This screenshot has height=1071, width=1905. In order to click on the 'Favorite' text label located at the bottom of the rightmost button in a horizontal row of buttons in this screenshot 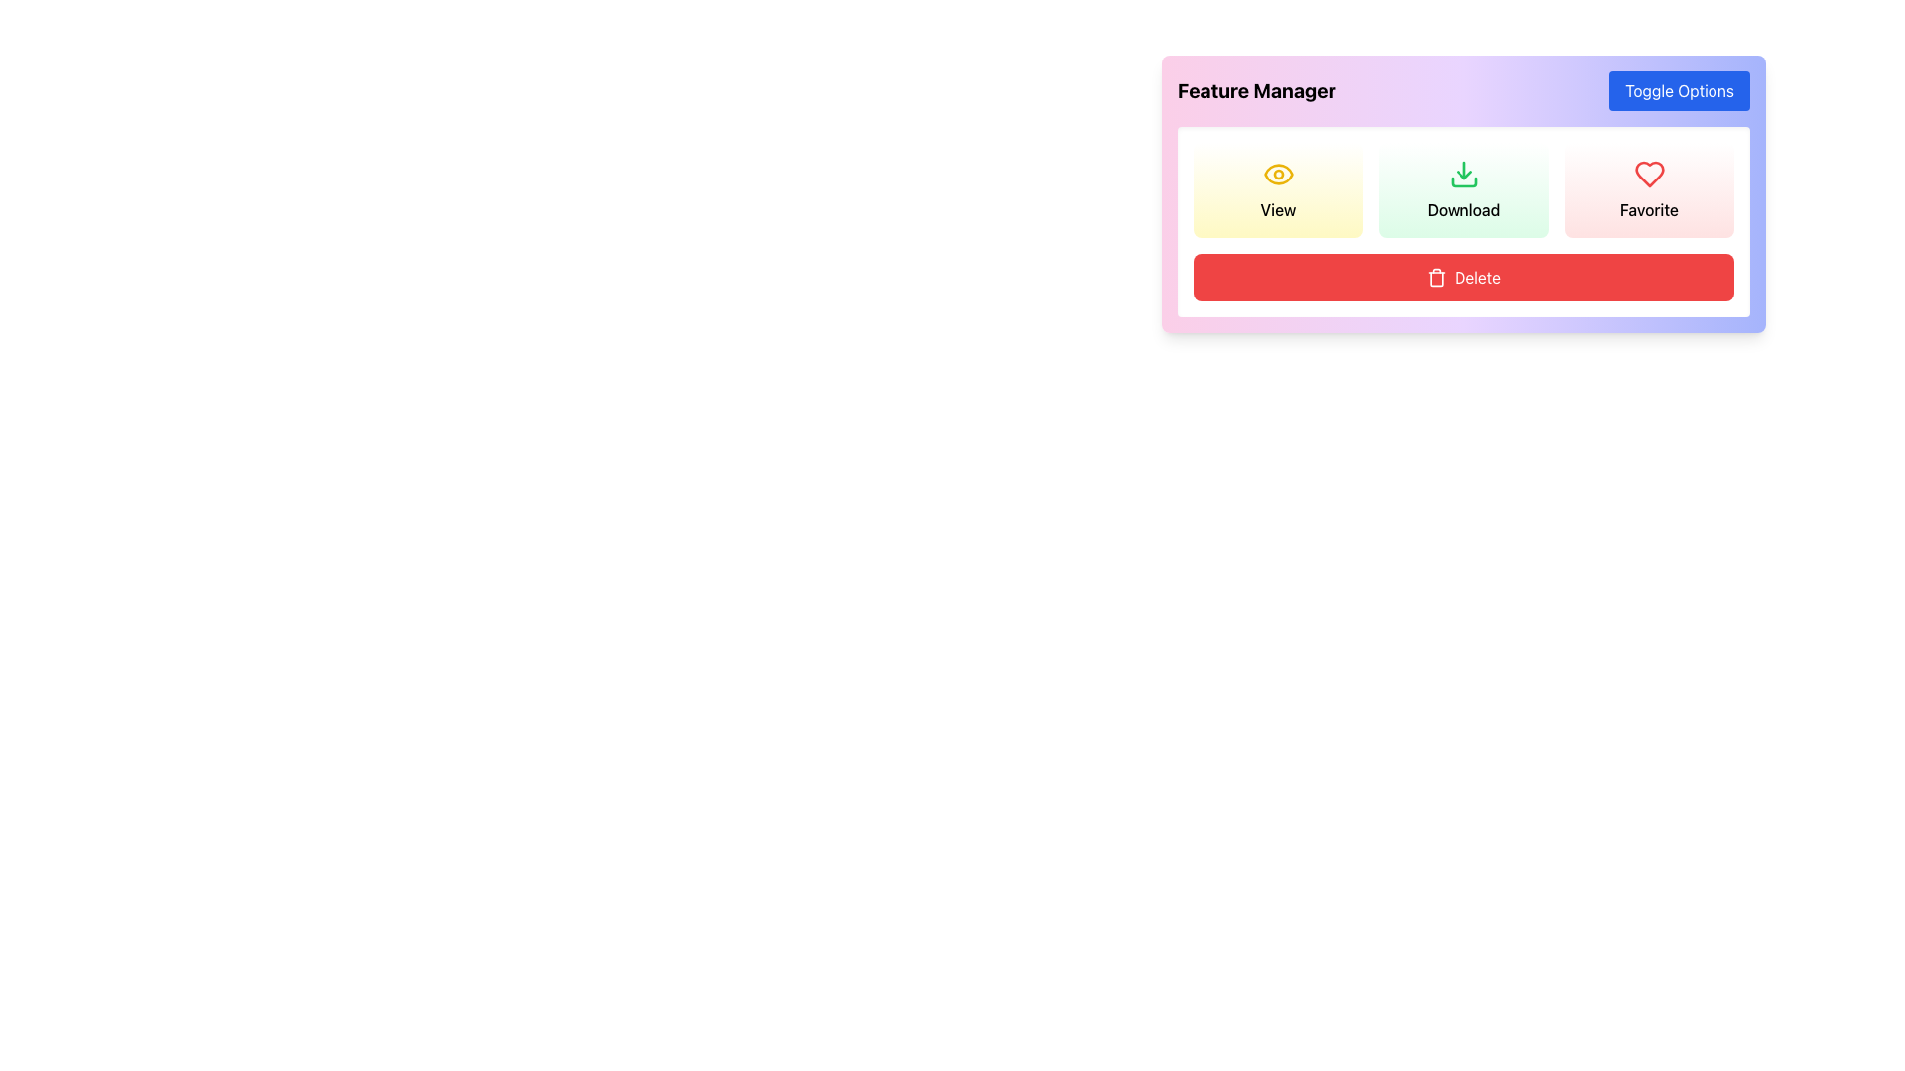, I will do `click(1649, 210)`.